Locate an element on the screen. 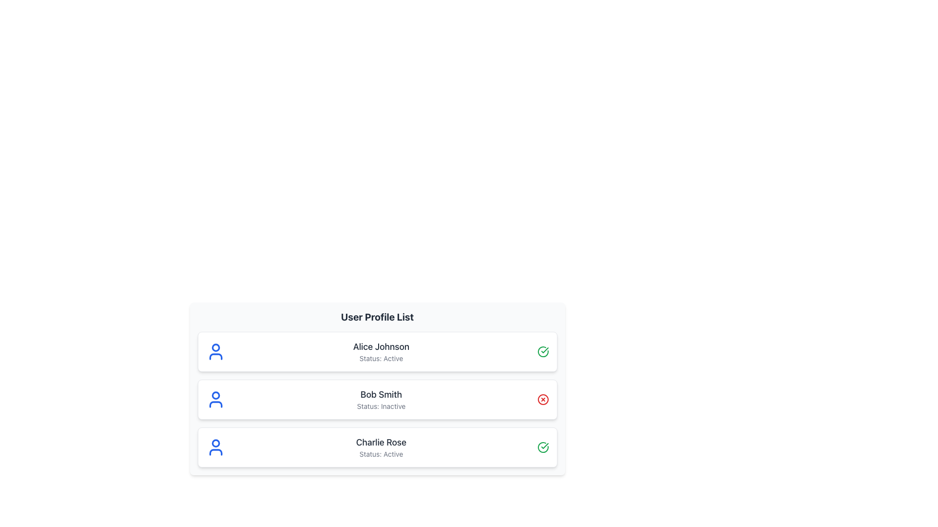  the SVG Circle Graphic element that represents the head in the user profile icon for 'Charlie Rose' located in the third profile row is located at coordinates (215, 443).